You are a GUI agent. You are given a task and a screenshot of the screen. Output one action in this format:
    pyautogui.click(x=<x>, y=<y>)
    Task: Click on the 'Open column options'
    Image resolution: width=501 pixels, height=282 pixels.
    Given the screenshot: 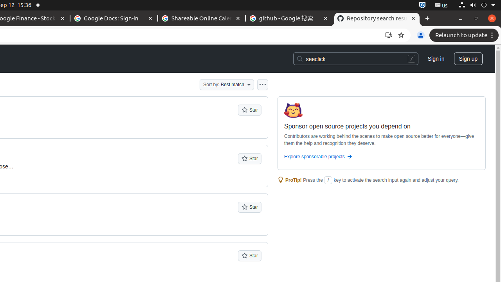 What is the action you would take?
    pyautogui.click(x=262, y=85)
    